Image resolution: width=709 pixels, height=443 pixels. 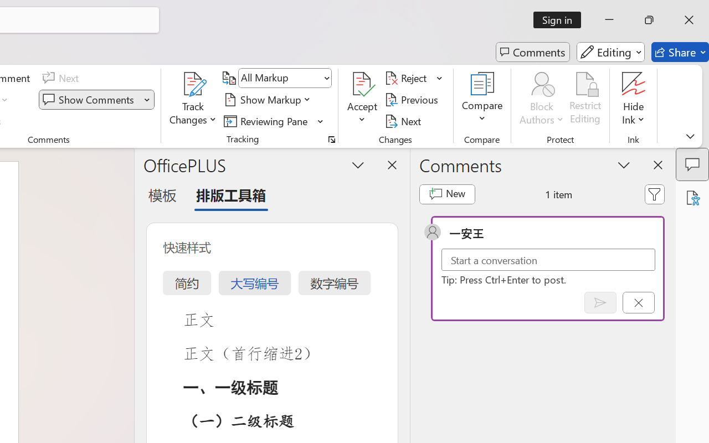 What do you see at coordinates (655, 194) in the screenshot?
I see `'Filter'` at bounding box center [655, 194].